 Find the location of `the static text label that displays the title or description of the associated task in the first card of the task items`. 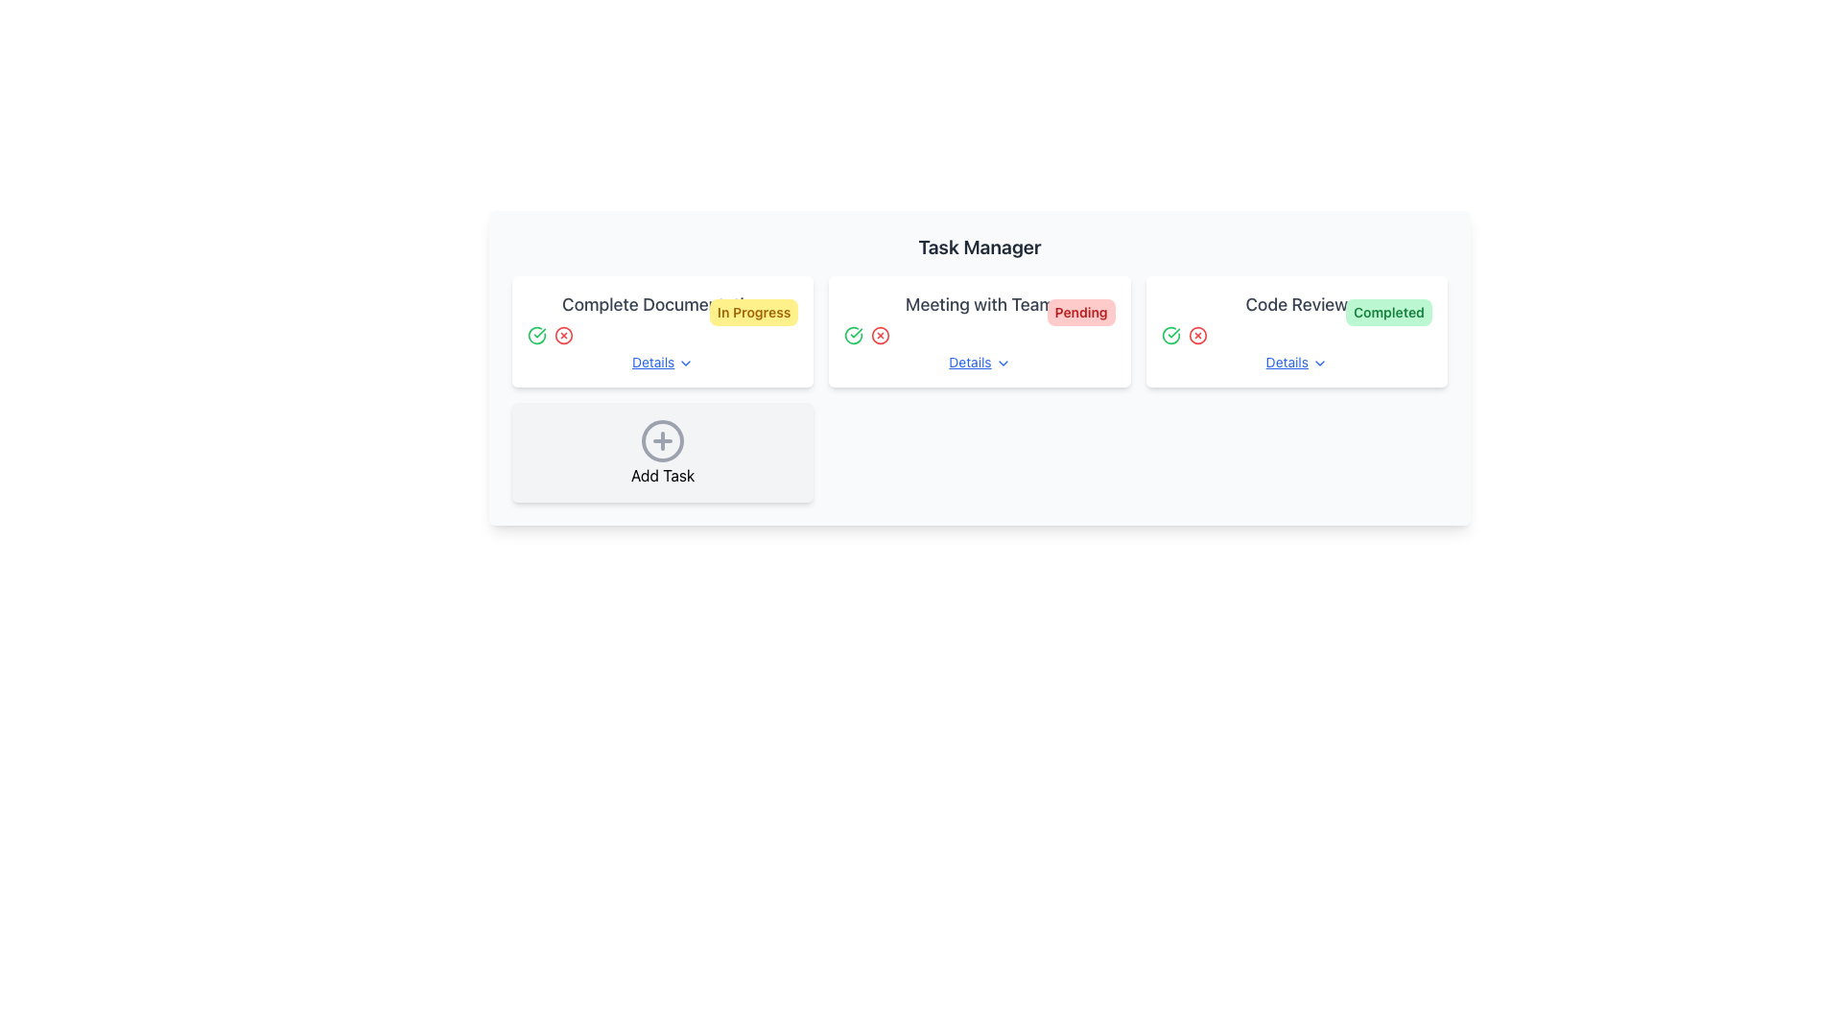

the static text label that displays the title or description of the associated task in the first card of the task items is located at coordinates (663, 303).